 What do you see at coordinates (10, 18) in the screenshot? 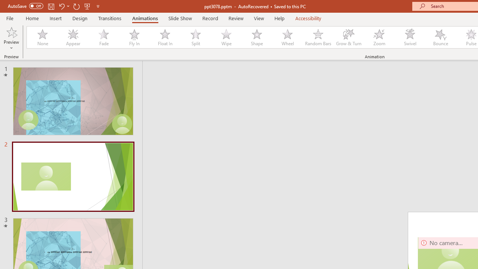
I see `'File Tab'` at bounding box center [10, 18].